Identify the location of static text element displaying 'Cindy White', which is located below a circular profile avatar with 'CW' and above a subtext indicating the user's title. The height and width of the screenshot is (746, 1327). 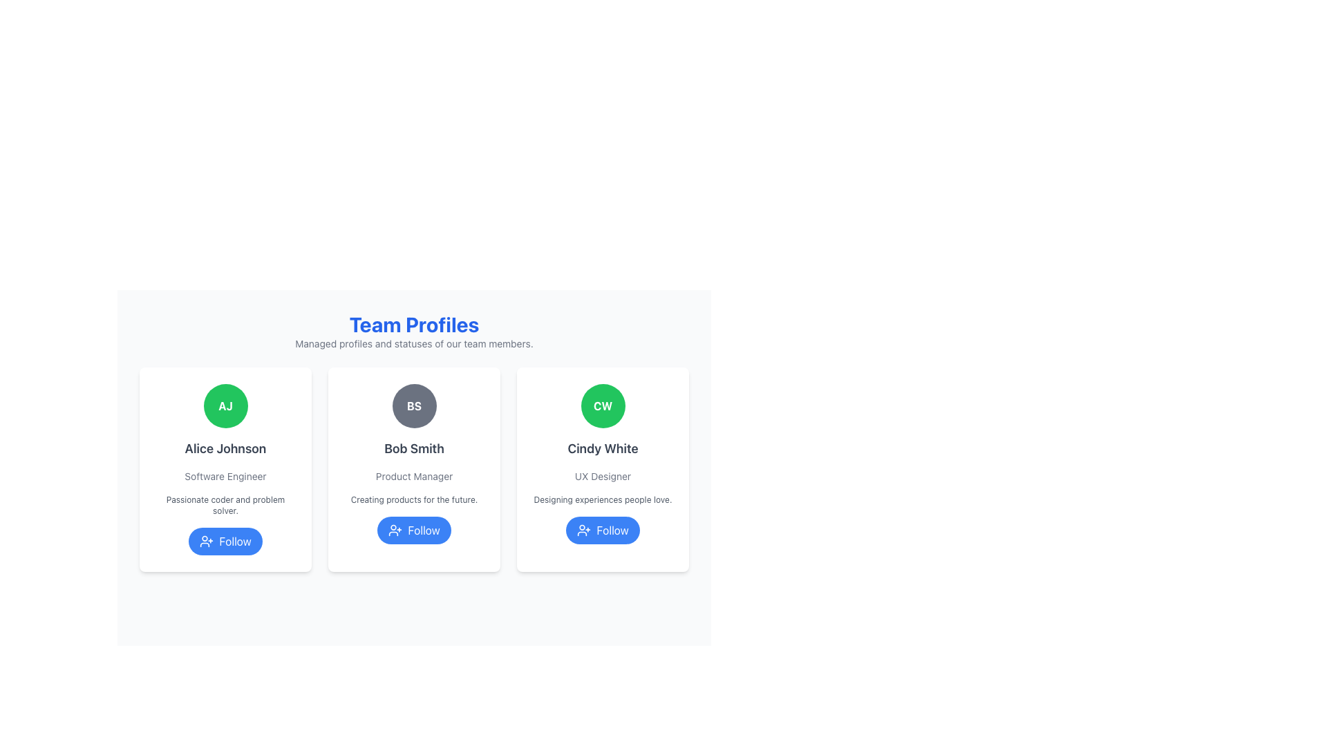
(603, 449).